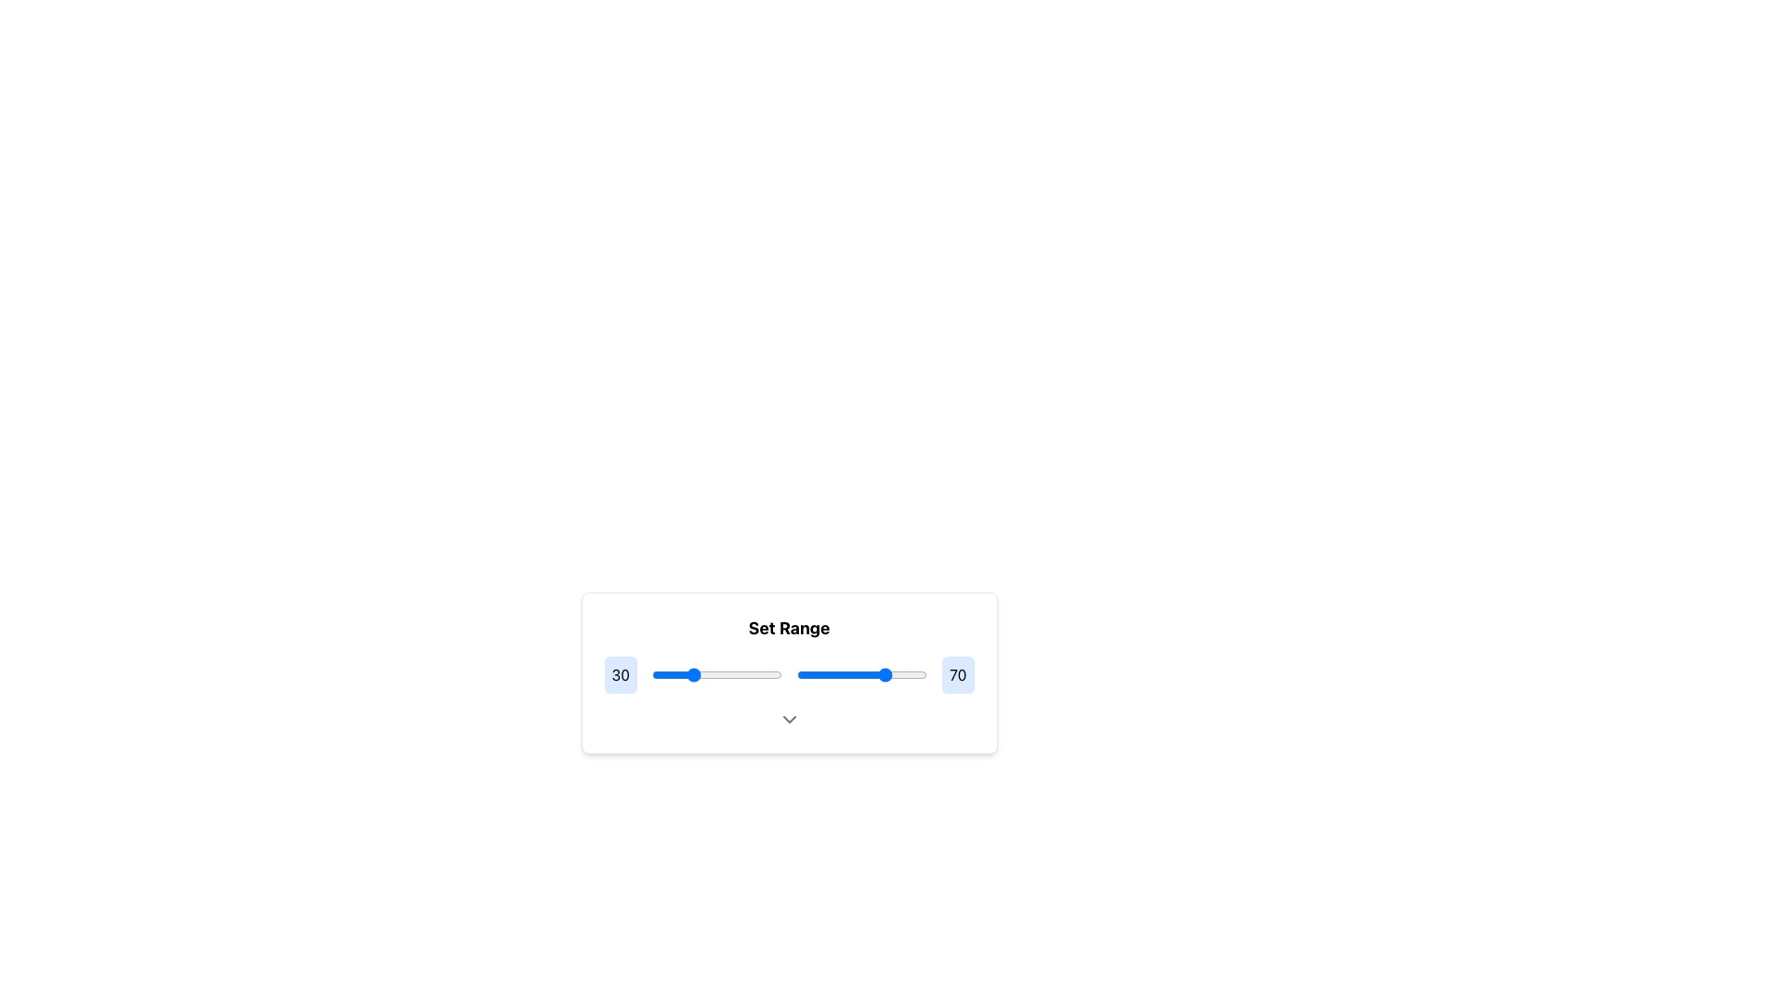  I want to click on the slider value, so click(910, 674).